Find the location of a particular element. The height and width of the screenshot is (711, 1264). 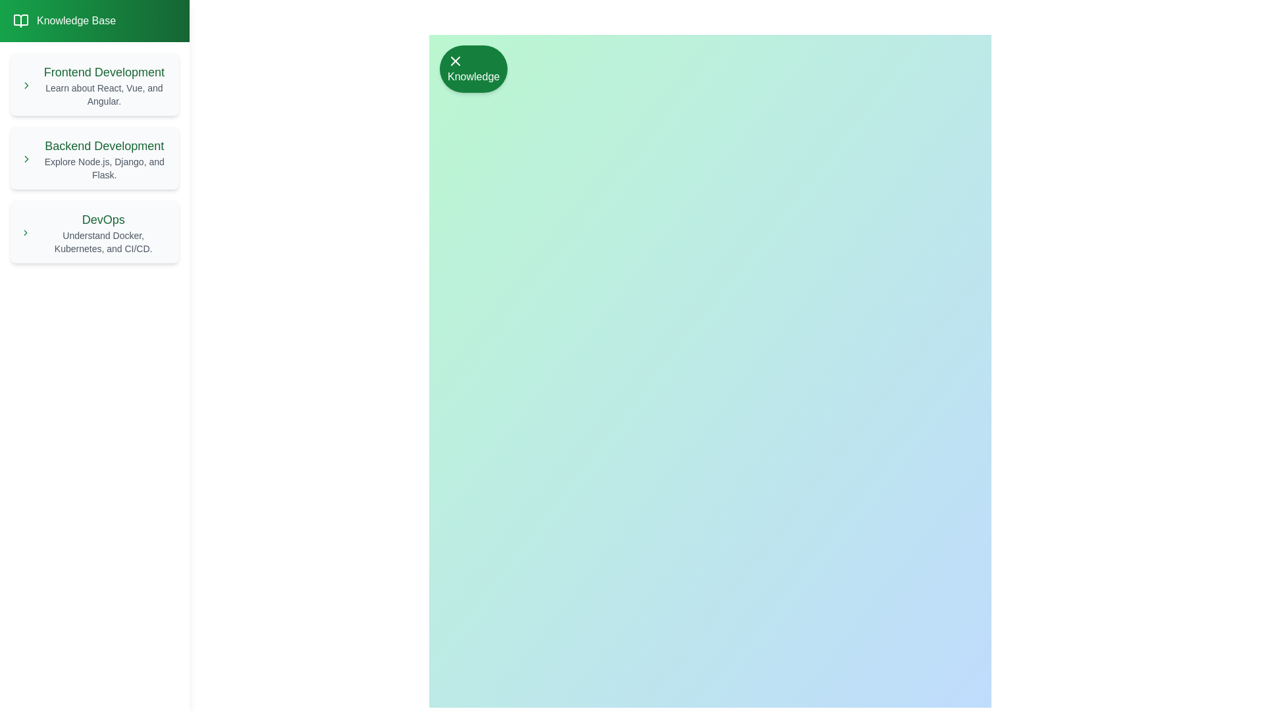

the list item corresponding to Frontend Development is located at coordinates (94, 84).